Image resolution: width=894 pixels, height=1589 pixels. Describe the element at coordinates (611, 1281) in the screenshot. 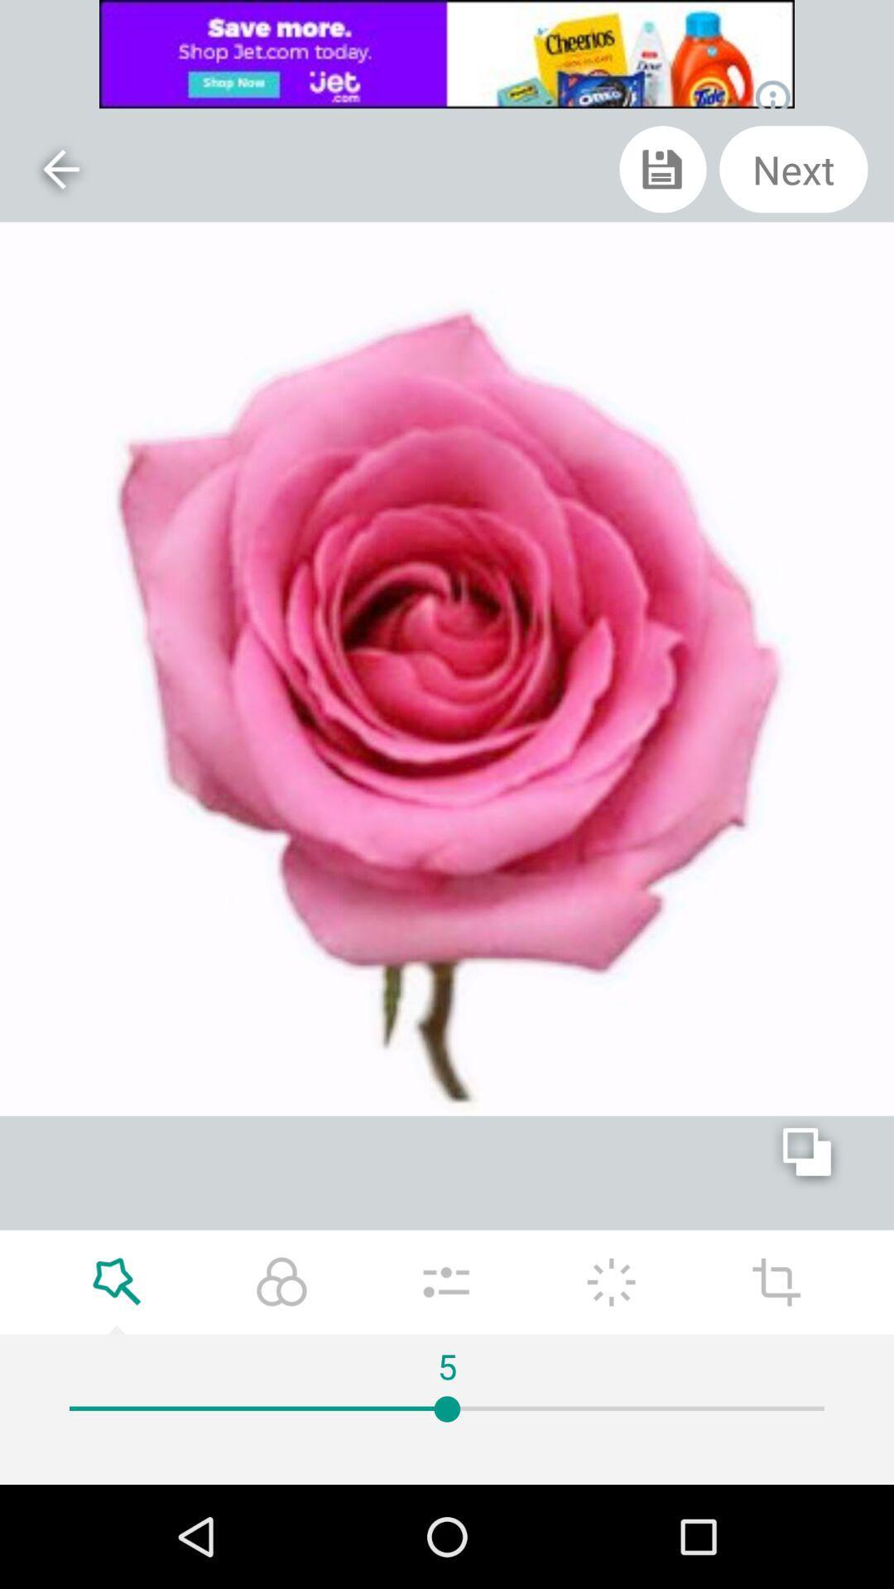

I see `auto enhance` at that location.